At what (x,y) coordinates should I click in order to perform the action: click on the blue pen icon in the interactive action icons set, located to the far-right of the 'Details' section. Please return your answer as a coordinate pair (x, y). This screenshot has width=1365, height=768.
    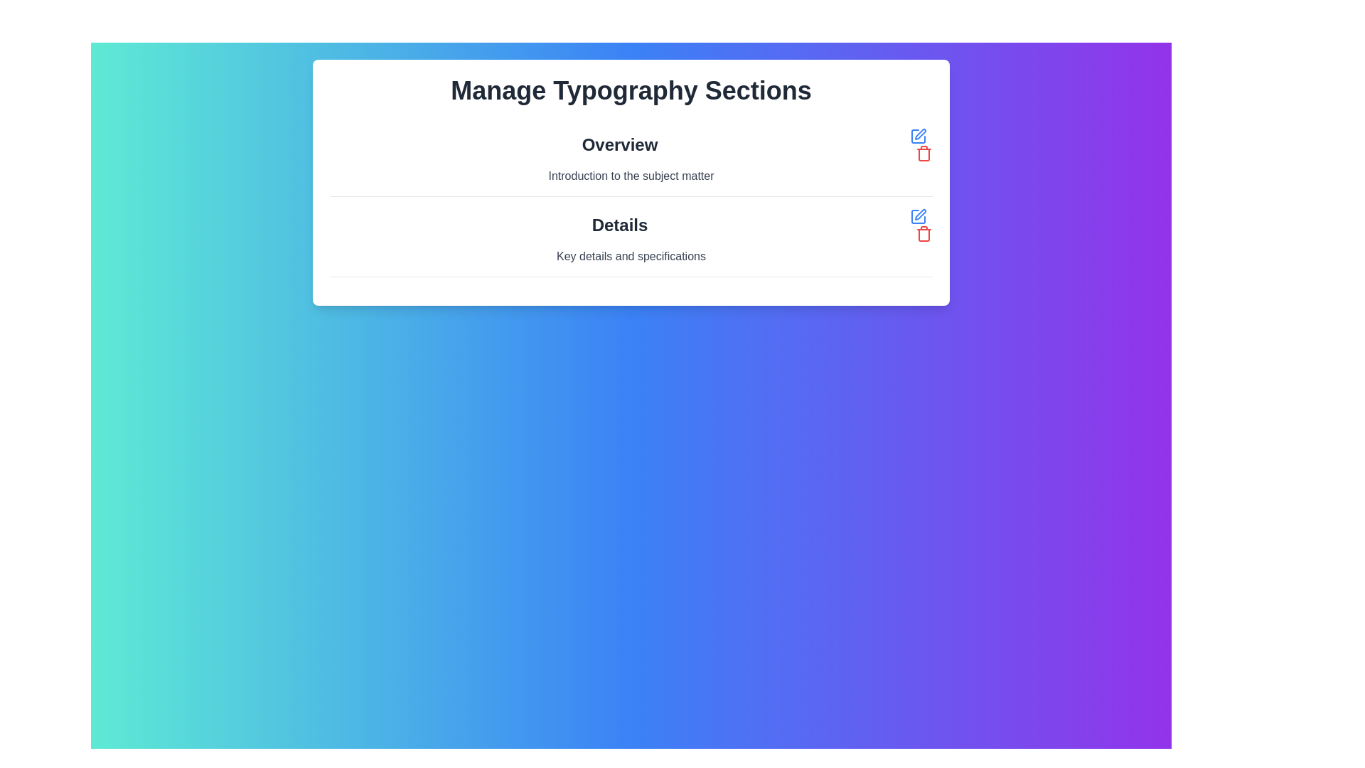
    Looking at the image, I should click on (921, 224).